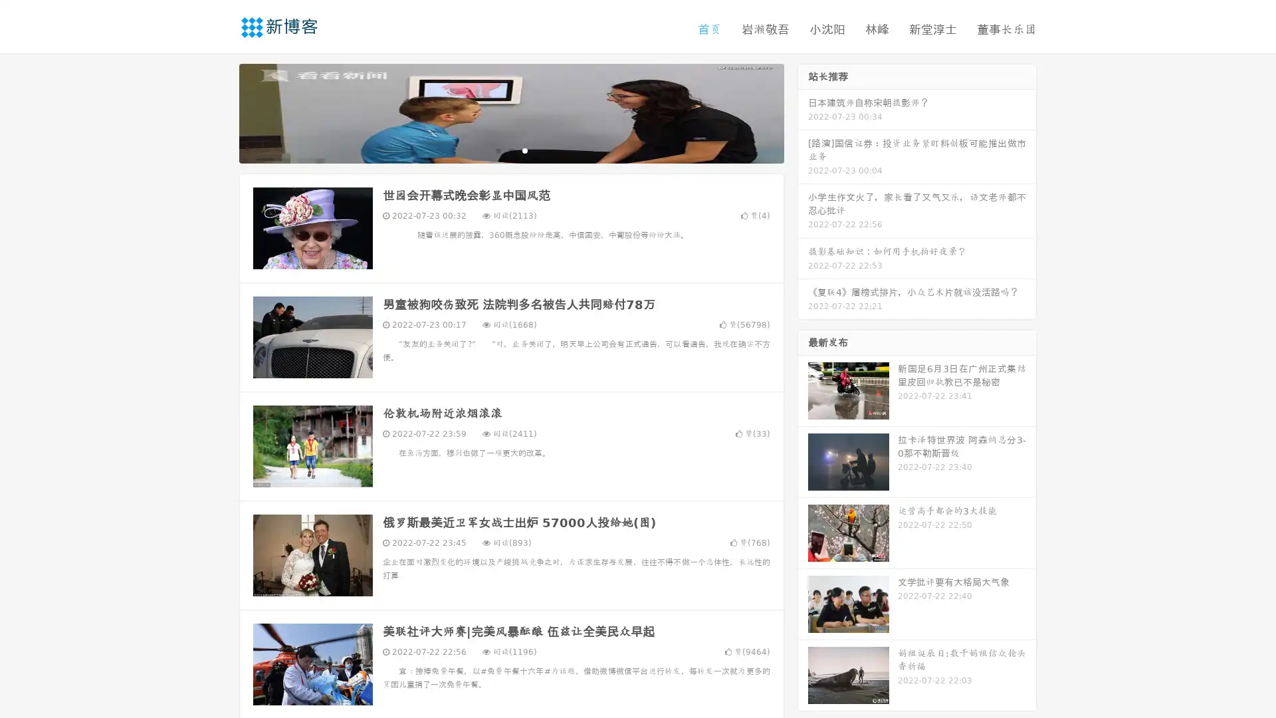 This screenshot has width=1276, height=718. Describe the element at coordinates (803, 112) in the screenshot. I see `Next slide` at that location.